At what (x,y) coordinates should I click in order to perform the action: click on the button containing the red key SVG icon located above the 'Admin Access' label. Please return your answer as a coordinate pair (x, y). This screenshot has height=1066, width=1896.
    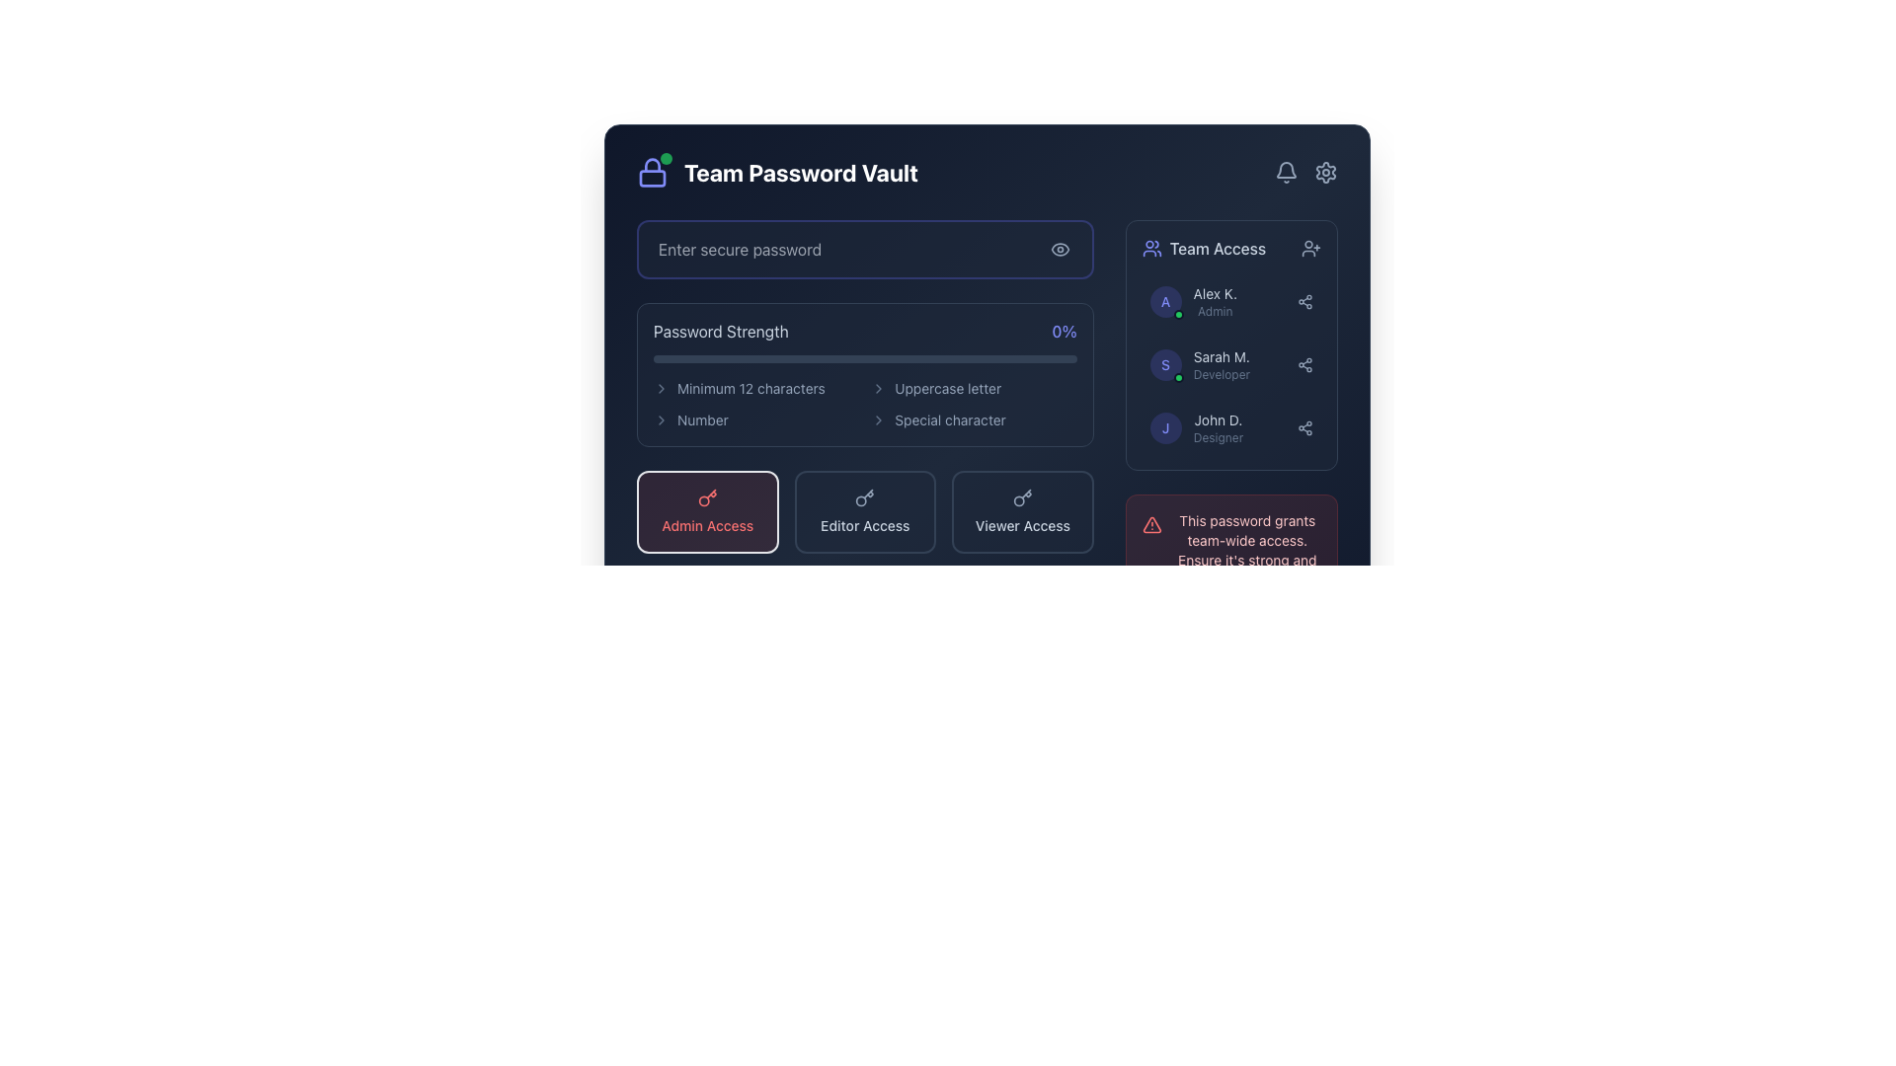
    Looking at the image, I should click on (707, 497).